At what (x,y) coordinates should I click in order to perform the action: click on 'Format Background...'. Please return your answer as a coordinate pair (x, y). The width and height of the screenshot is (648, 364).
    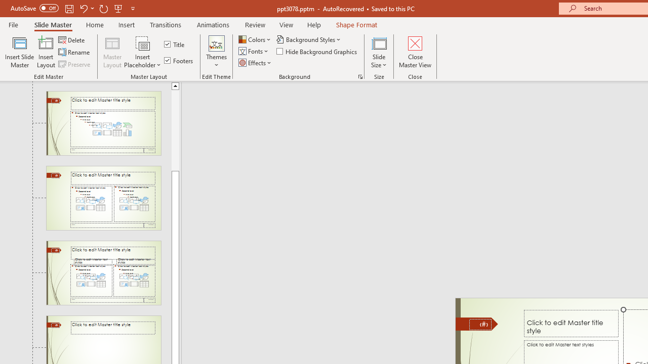
    Looking at the image, I should click on (360, 76).